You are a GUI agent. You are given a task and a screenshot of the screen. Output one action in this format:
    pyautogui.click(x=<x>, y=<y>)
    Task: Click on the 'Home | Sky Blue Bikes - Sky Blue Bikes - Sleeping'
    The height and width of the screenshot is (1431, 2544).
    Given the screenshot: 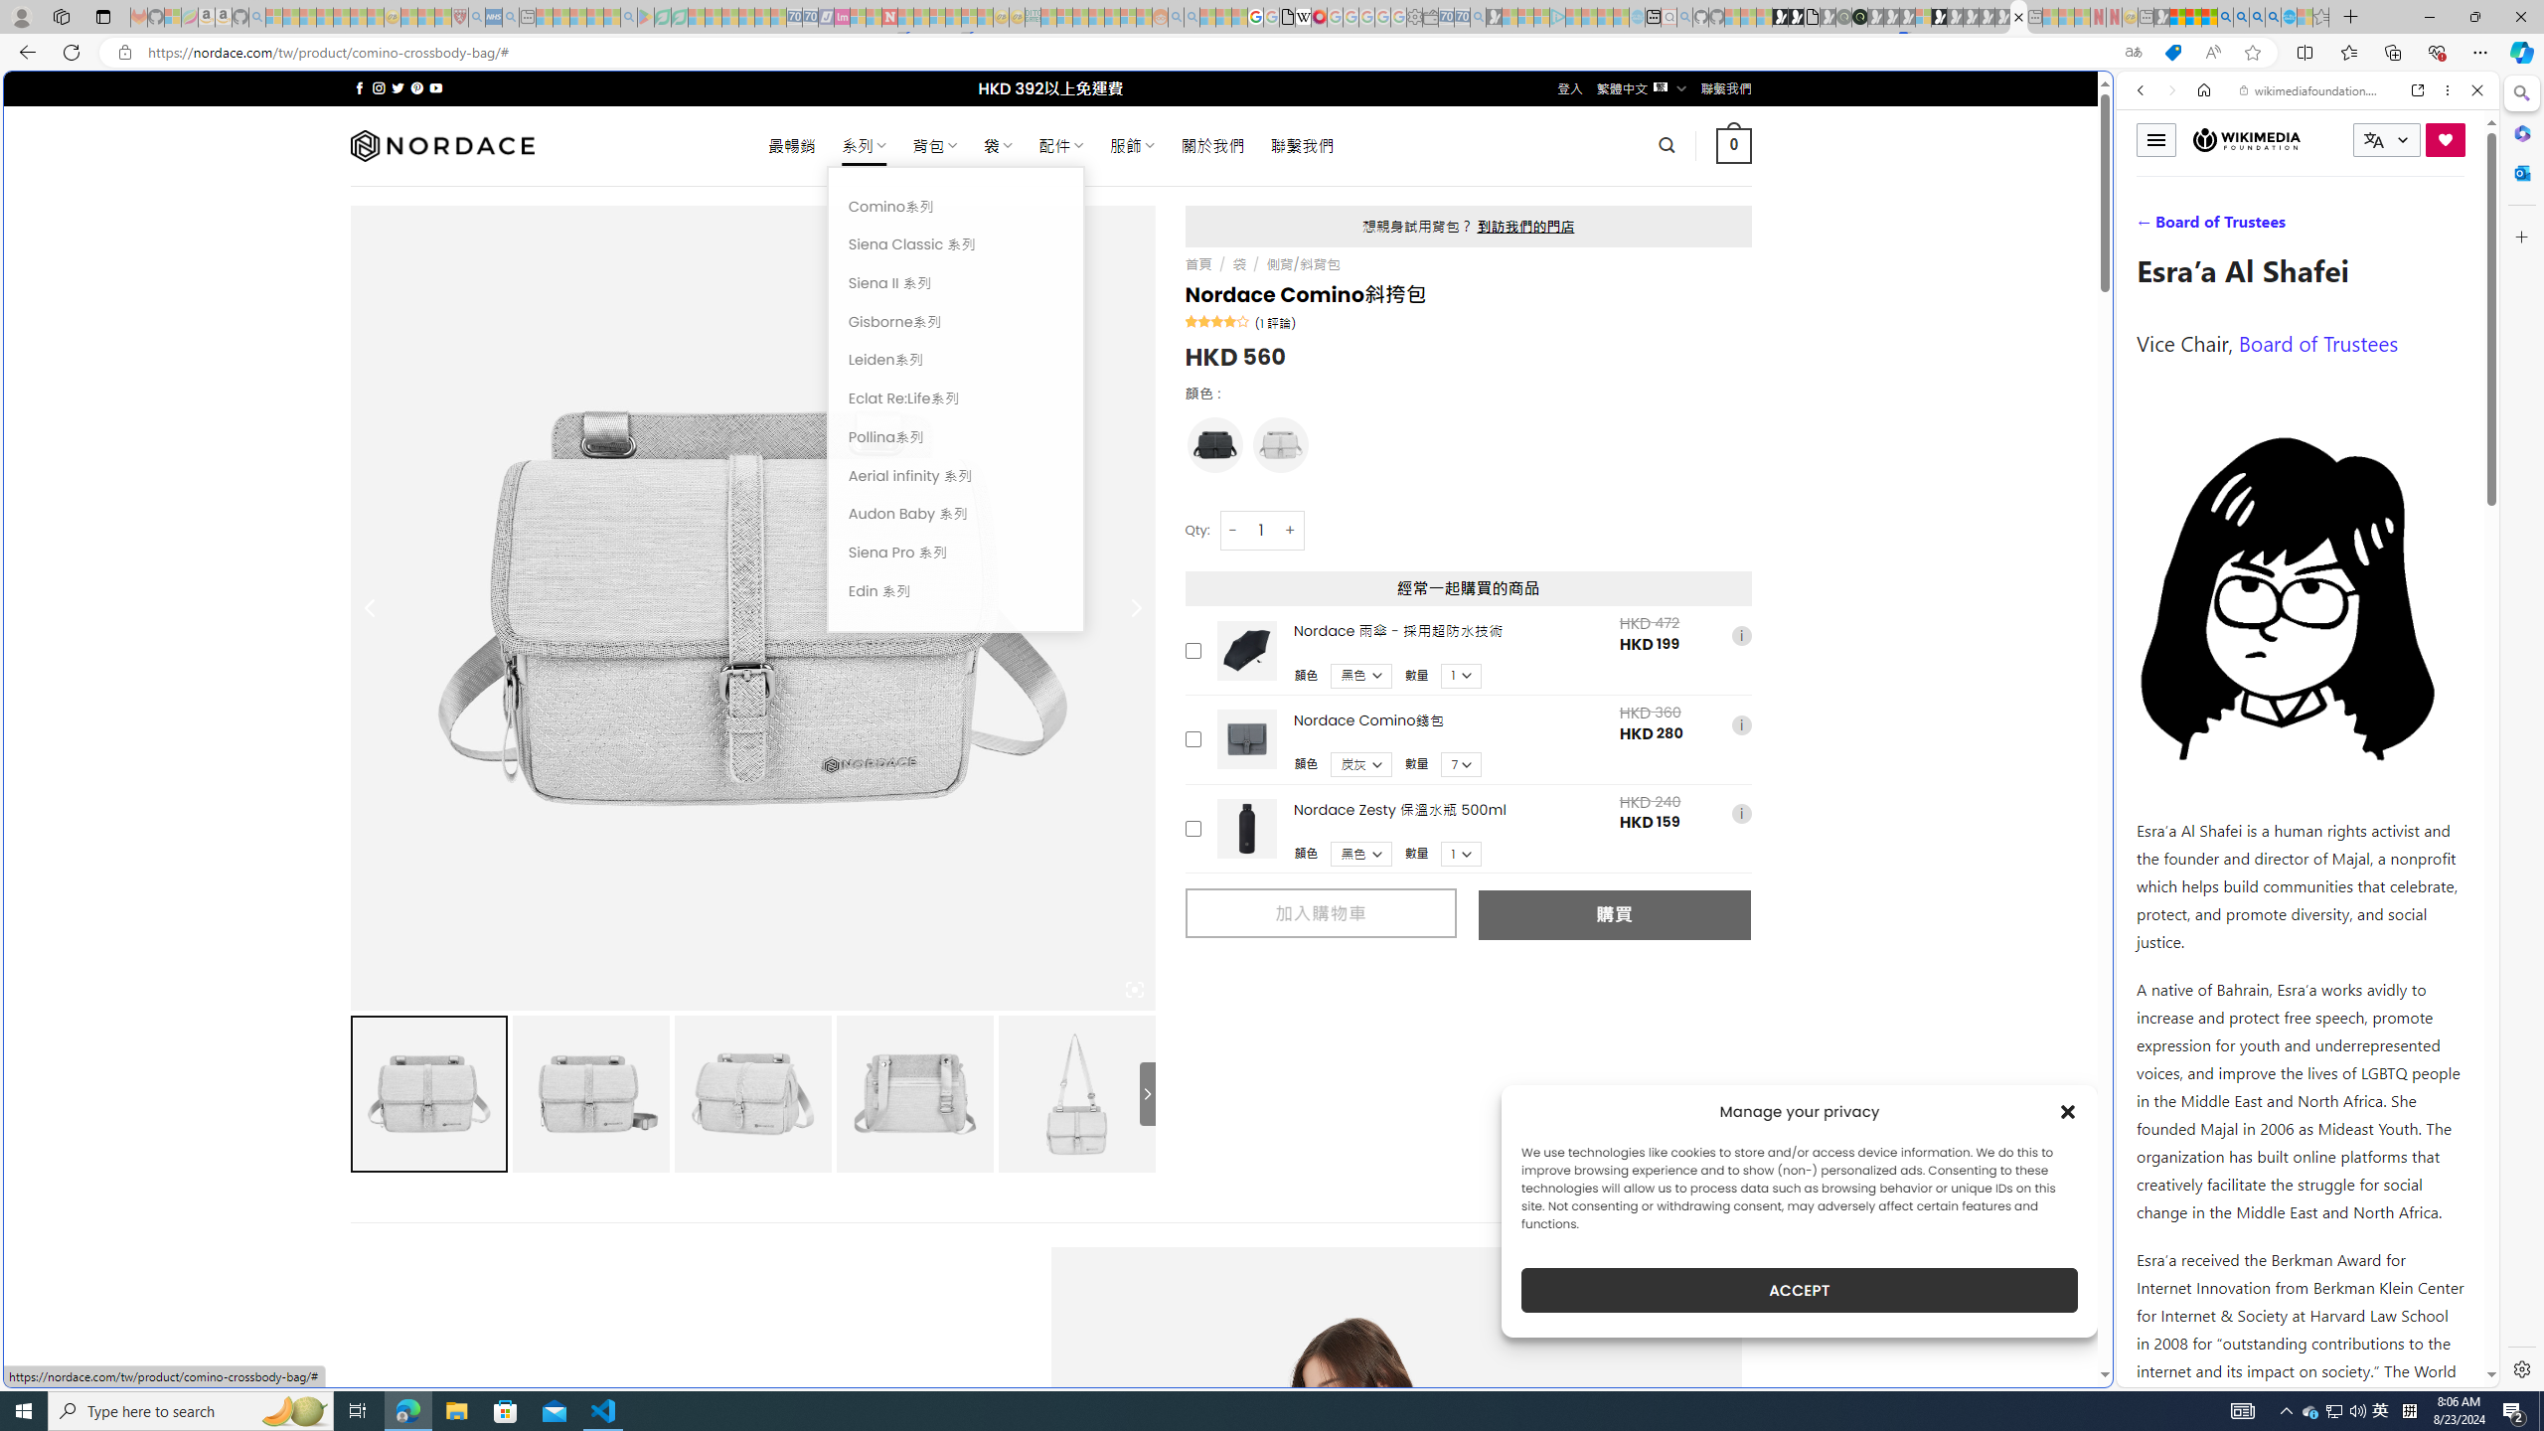 What is the action you would take?
    pyautogui.click(x=1636, y=16)
    